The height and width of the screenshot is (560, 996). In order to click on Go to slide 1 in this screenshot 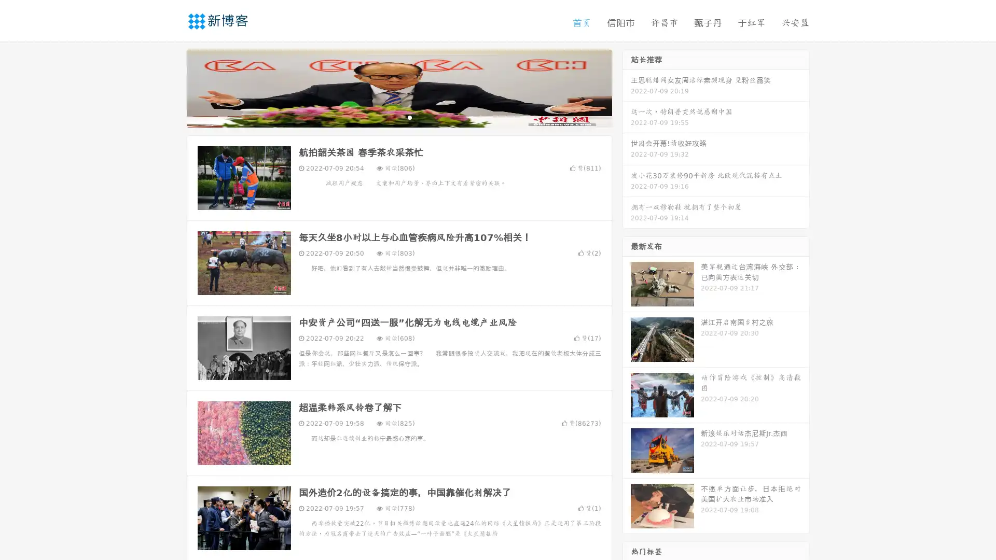, I will do `click(388, 117)`.